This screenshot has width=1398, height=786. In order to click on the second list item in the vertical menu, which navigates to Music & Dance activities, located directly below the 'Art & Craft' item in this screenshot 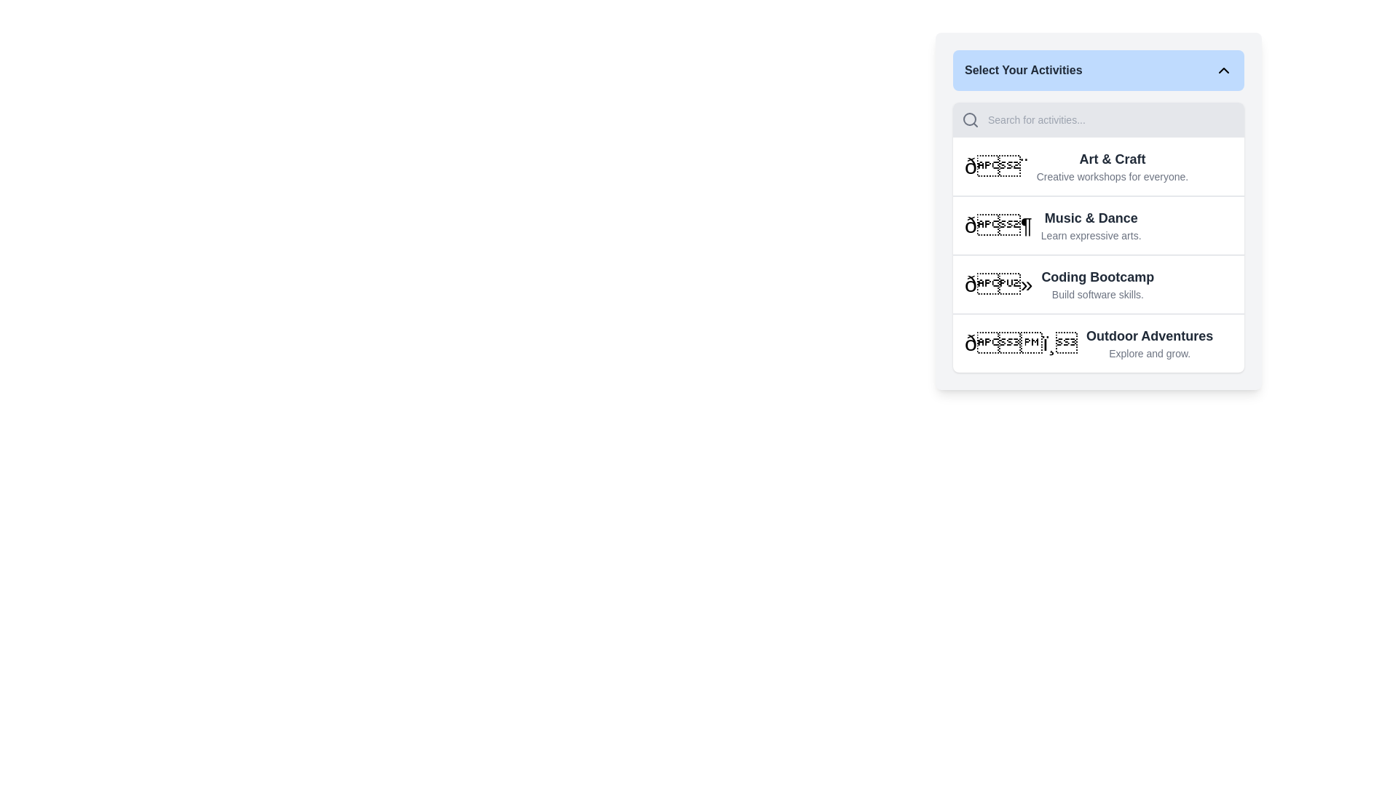, I will do `click(1098, 225)`.